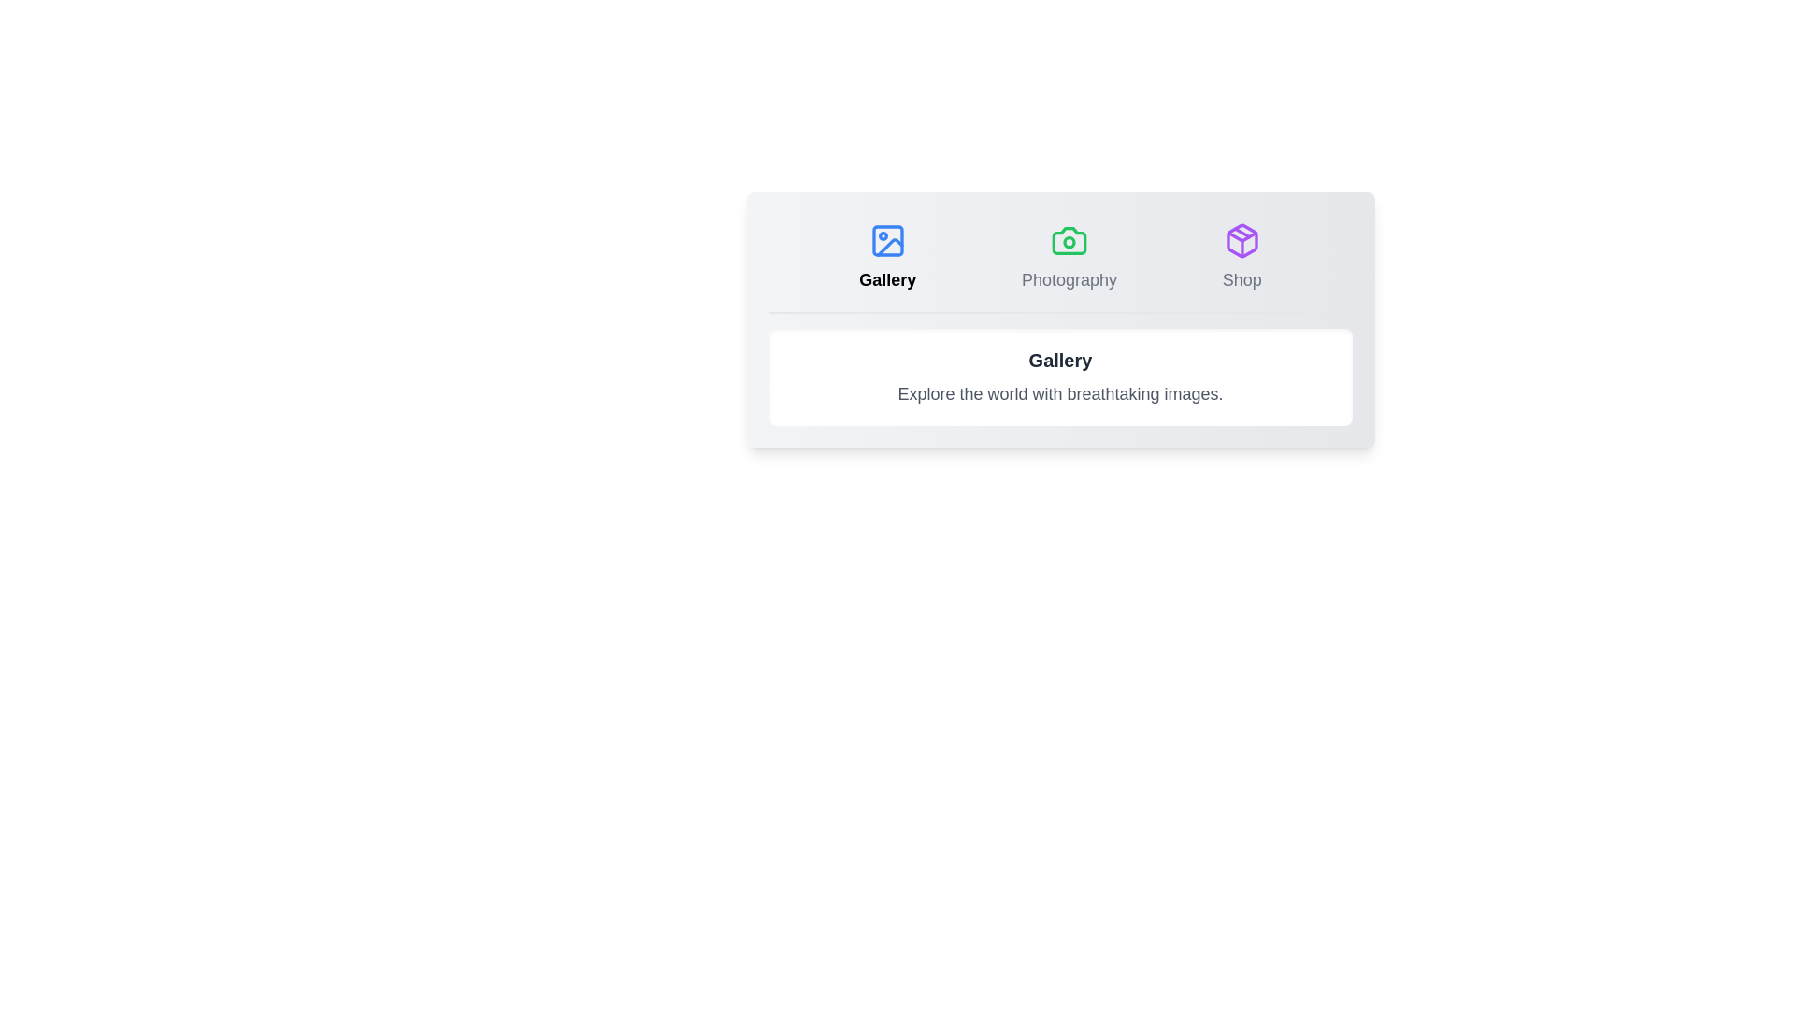  I want to click on the Shop tab by clicking on its button, so click(1242, 258).